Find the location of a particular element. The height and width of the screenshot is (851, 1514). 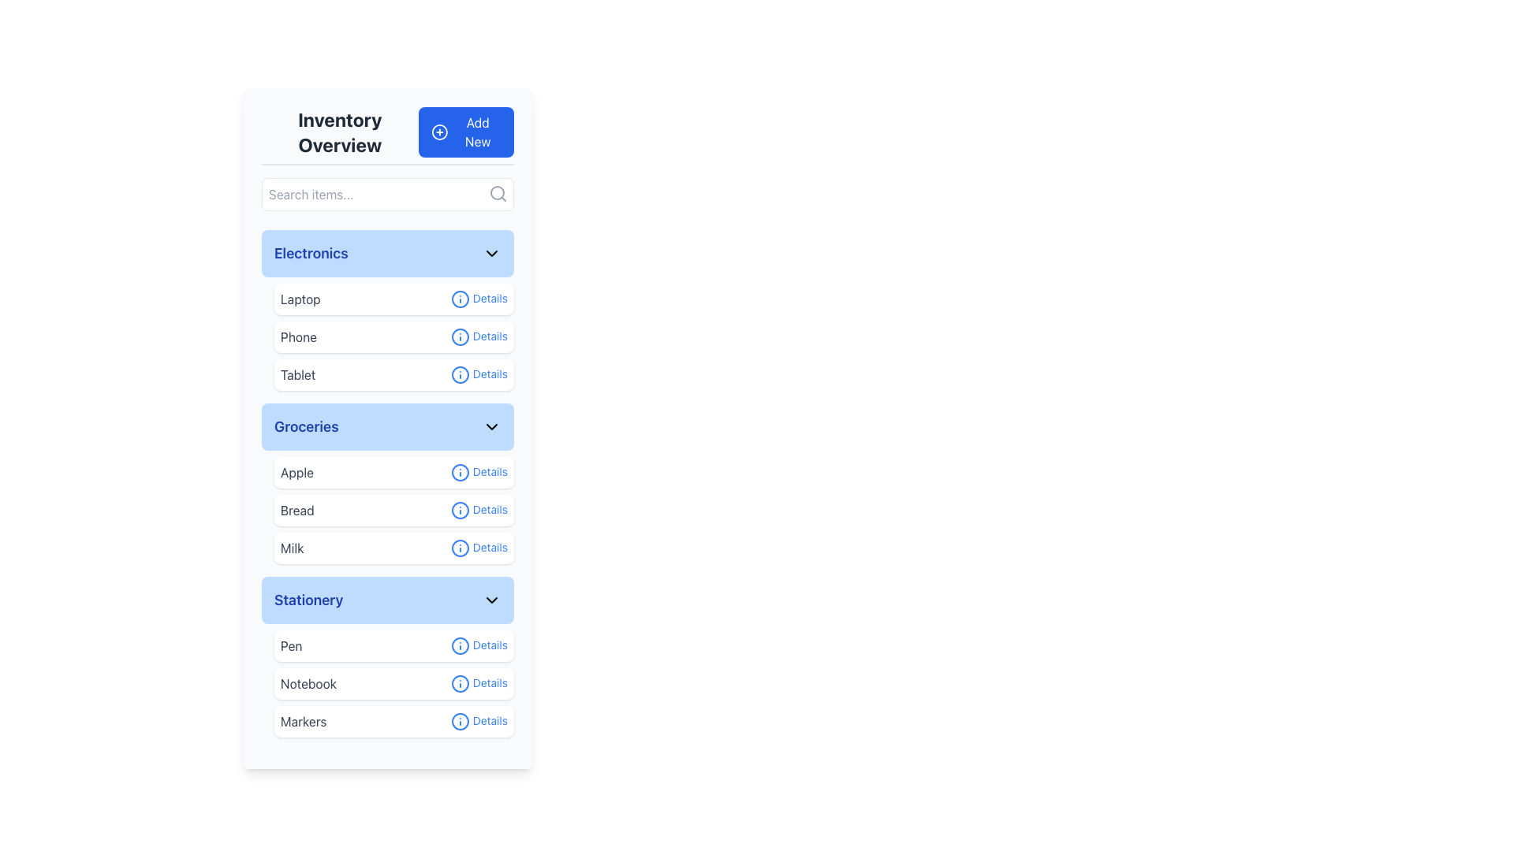

the information icon located to the right of the 'Phone' label in the 'Electronics' category list is located at coordinates (459, 336).